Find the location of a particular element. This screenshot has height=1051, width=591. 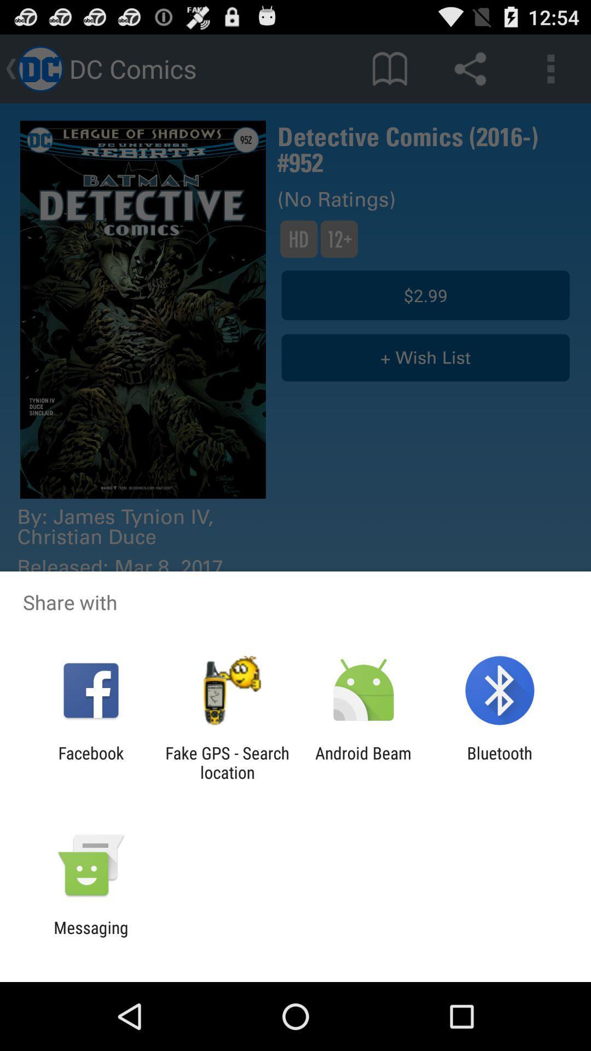

facebook item is located at coordinates (90, 762).